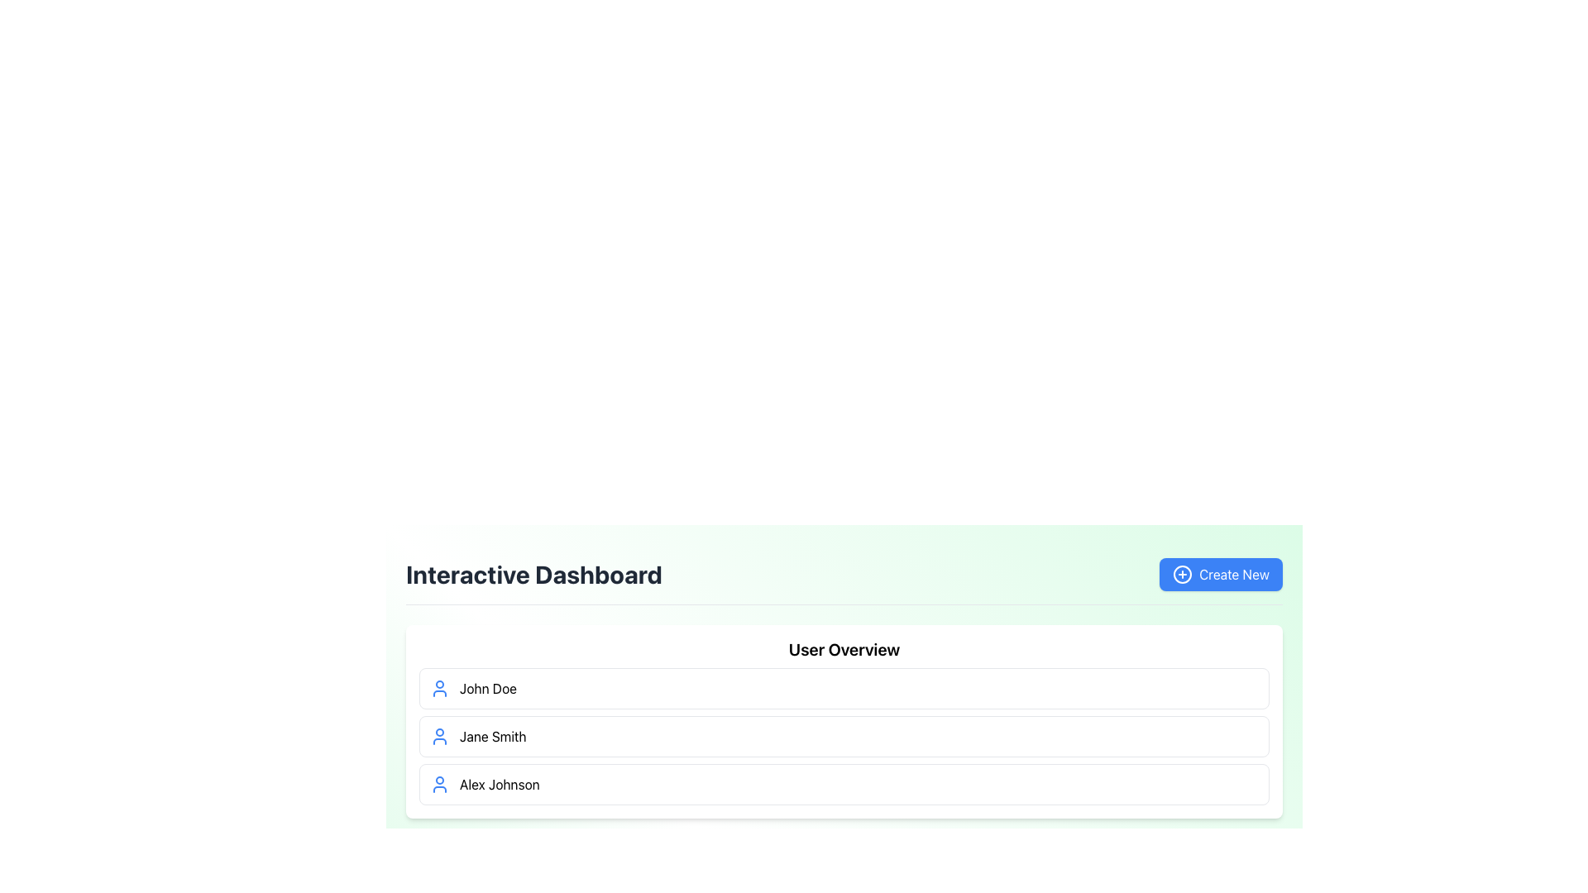 The image size is (1588, 893). Describe the element at coordinates (1221, 573) in the screenshot. I see `the 'Create New' button with a blue background located in the top-right corner of the 'Interactive Dashboard' section` at that location.